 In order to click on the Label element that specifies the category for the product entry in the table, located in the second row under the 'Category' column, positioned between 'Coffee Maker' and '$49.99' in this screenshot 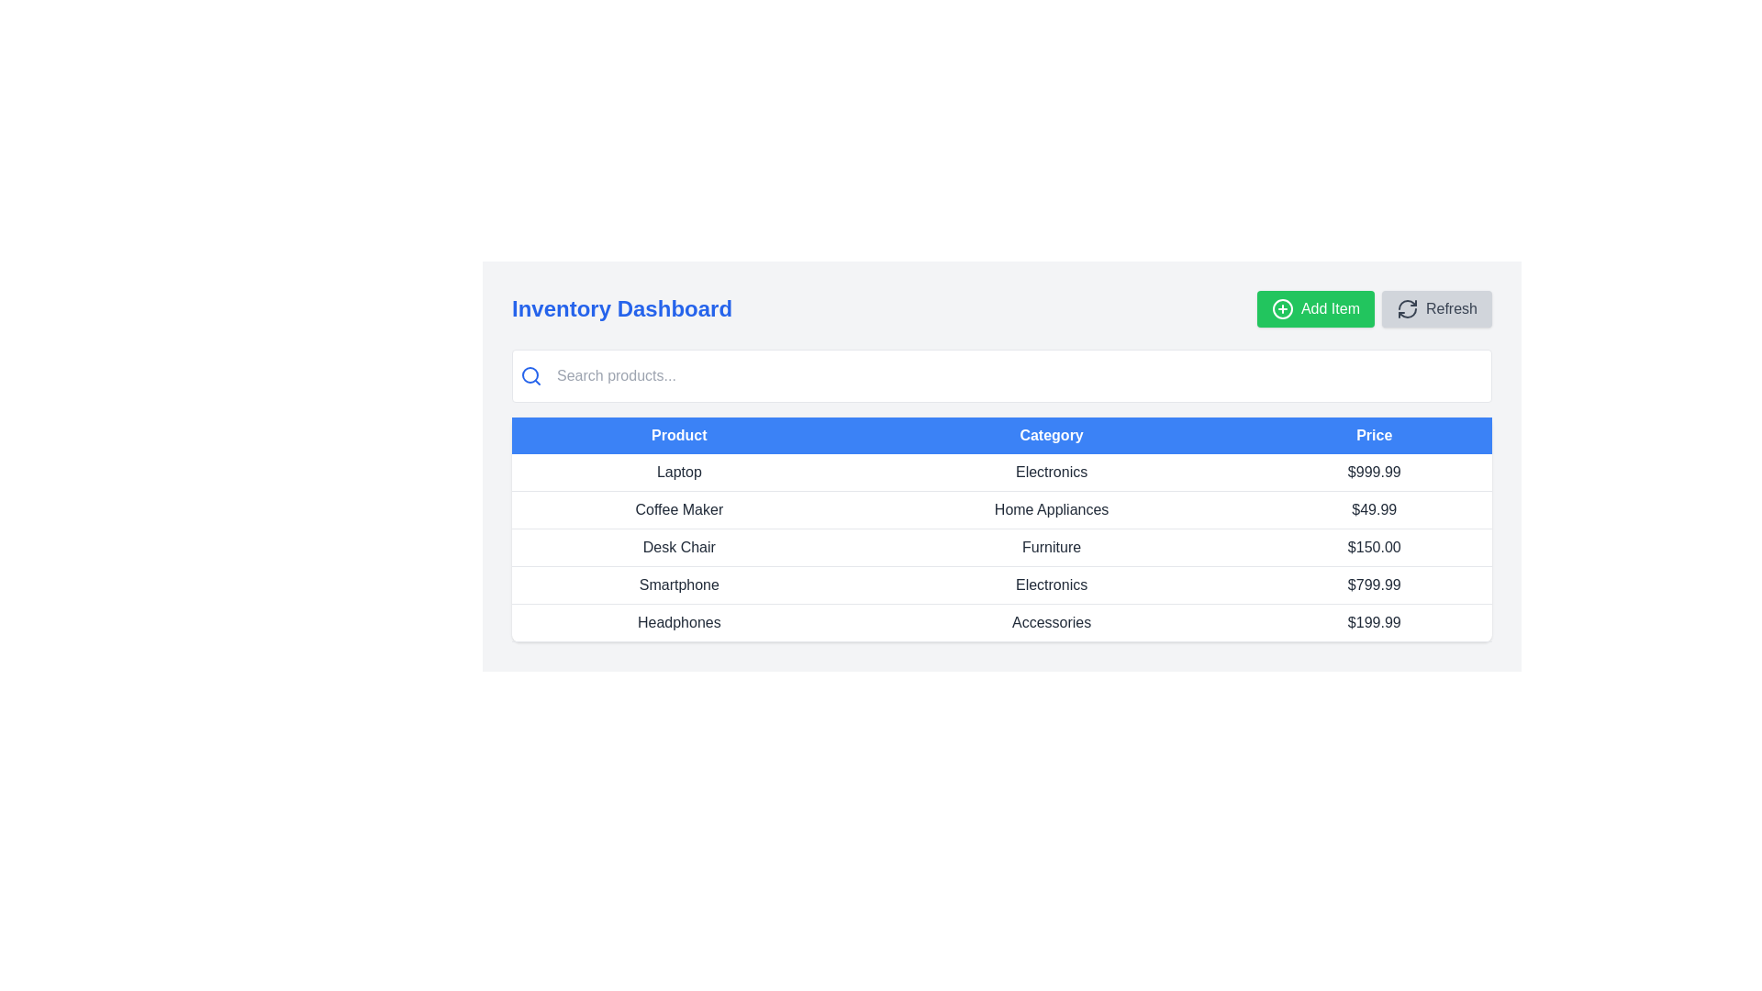, I will do `click(1052, 509)`.